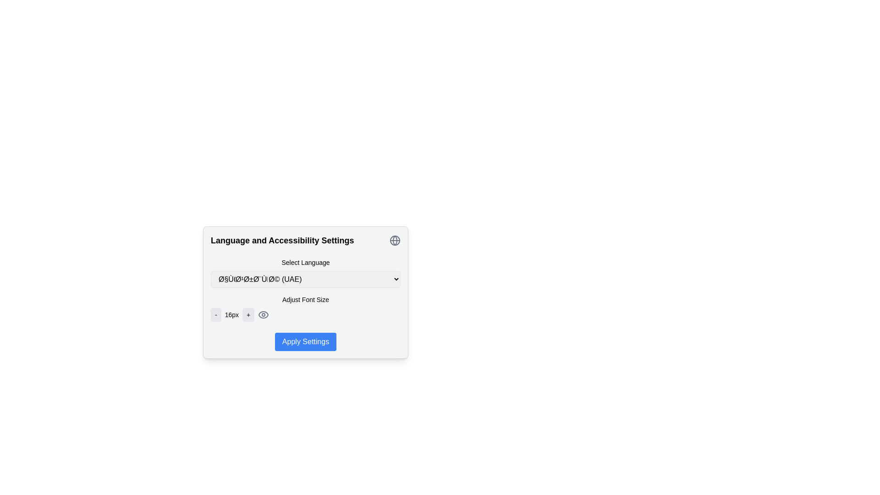  What do you see at coordinates (263, 314) in the screenshot?
I see `the small eye icon located to the immediate right of the '+' button within the 'Adjust Font Size' controls` at bounding box center [263, 314].